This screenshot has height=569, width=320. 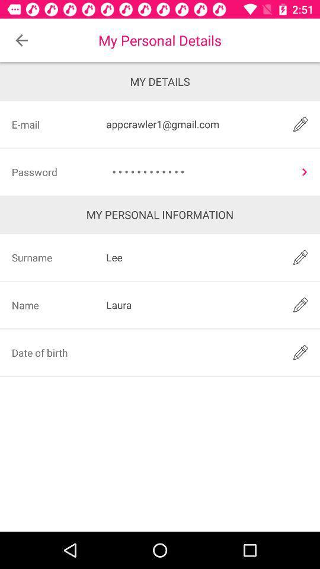 What do you see at coordinates (300, 257) in the screenshot?
I see `the edit icon` at bounding box center [300, 257].